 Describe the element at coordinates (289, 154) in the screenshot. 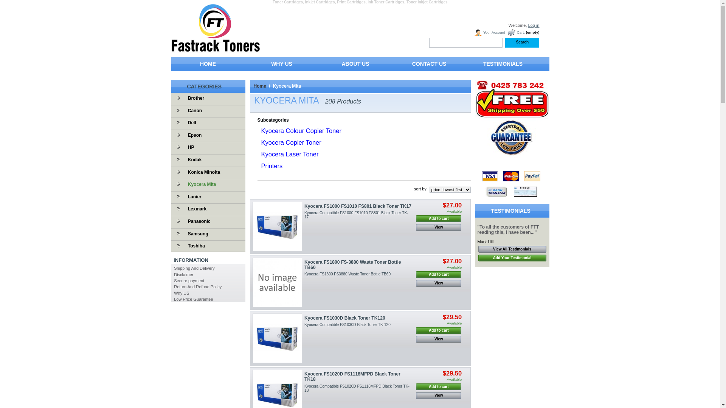

I see `'Kyocera Laser Toner'` at that location.